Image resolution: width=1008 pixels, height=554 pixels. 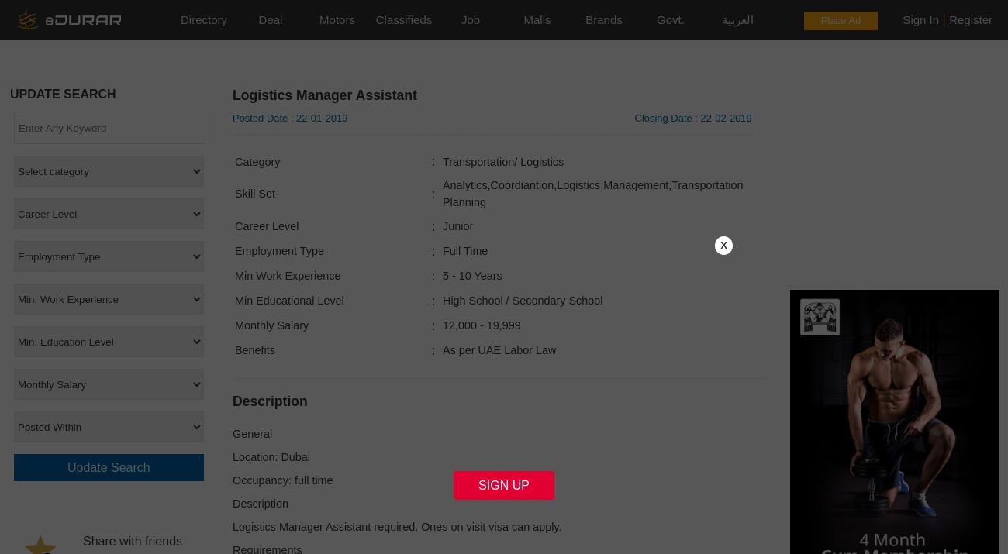 I want to click on 'Min Educational Level', so click(x=235, y=300).